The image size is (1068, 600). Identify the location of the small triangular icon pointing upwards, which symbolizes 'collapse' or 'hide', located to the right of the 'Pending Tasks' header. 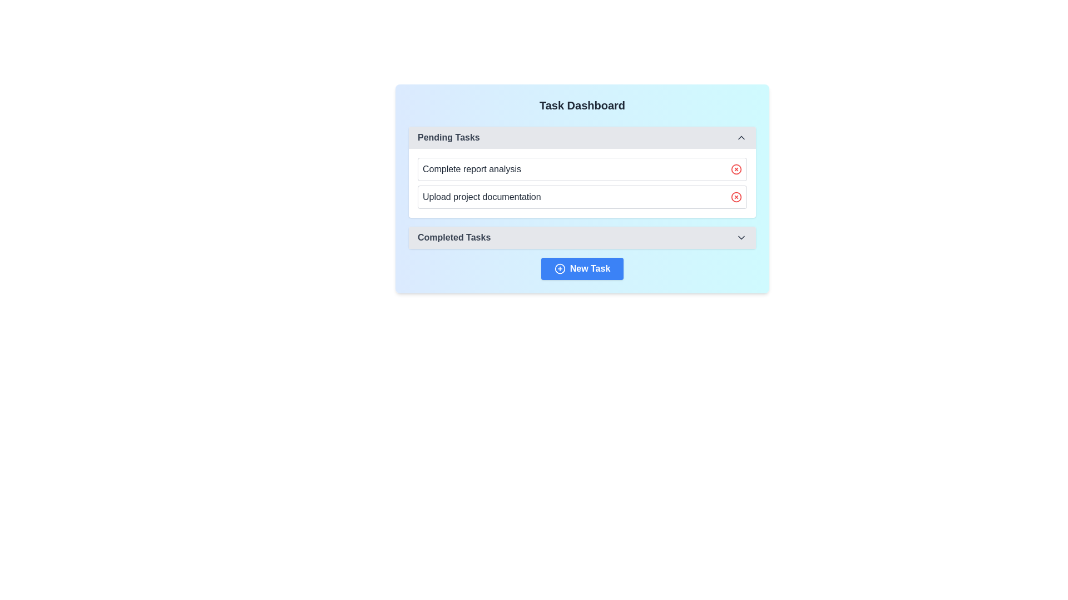
(741, 137).